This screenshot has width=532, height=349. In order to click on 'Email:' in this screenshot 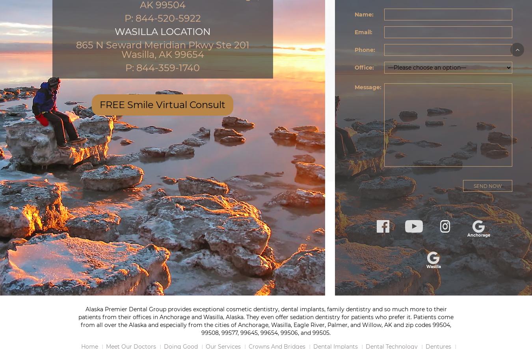, I will do `click(363, 31)`.